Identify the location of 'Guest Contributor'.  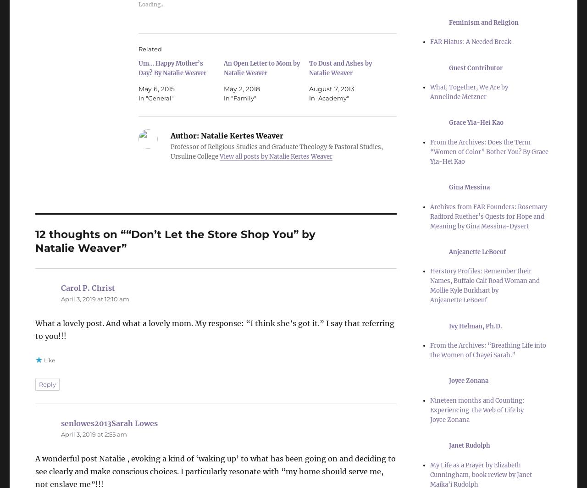
(476, 67).